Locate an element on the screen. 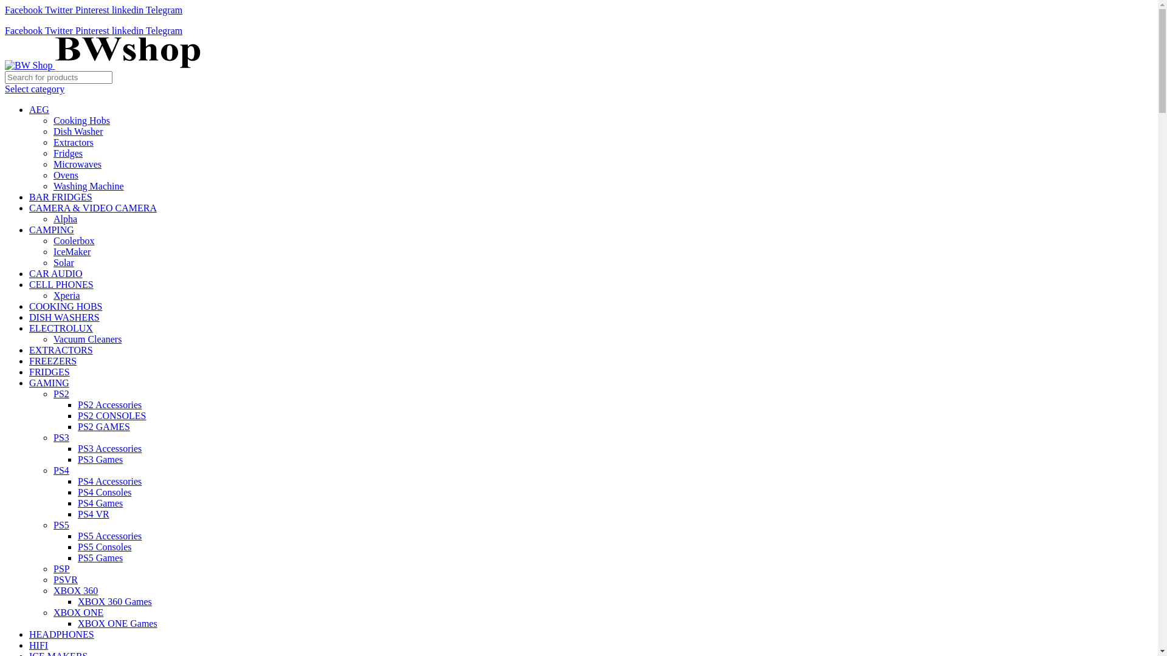  'PS5 Consoles' is located at coordinates (105, 547).